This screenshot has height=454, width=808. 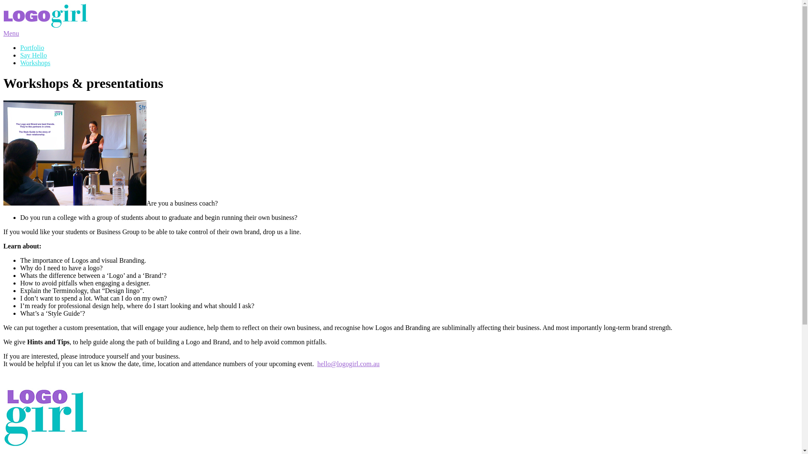 I want to click on 'Workshops', so click(x=35, y=62).